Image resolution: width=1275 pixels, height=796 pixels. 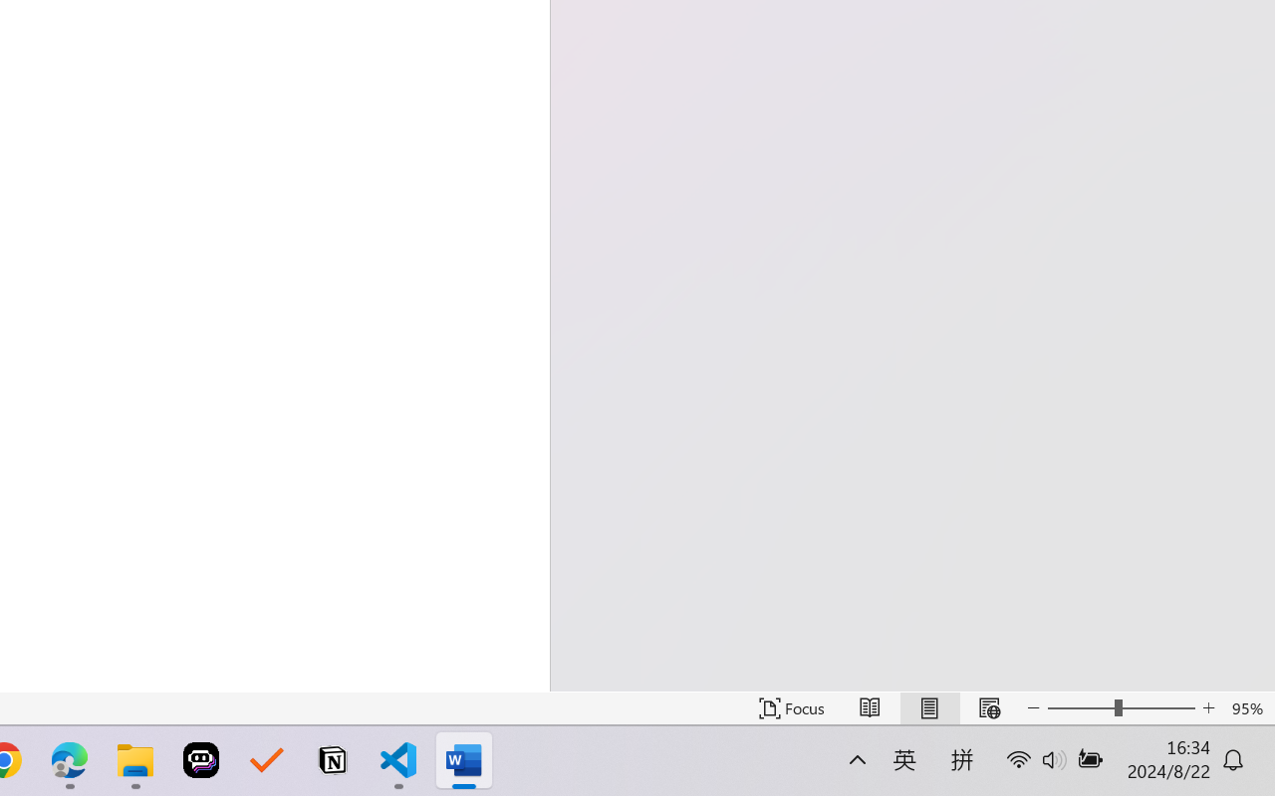 I want to click on 'Zoom 95%', so click(x=1247, y=707).